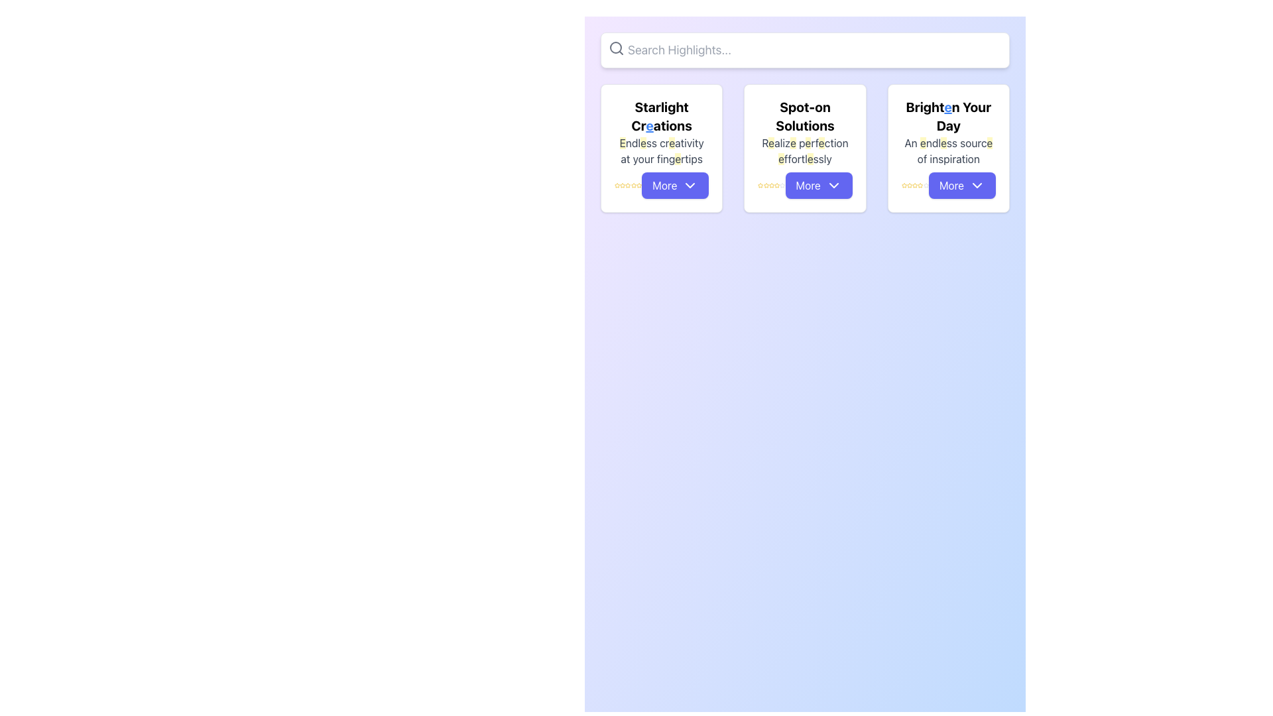 The width and height of the screenshot is (1273, 716). What do you see at coordinates (963, 115) in the screenshot?
I see `text element displaying 'n Your Day', which is part of the phrase 'Brighten Your Day' located at the top section of the card in the third column of the grid layout` at bounding box center [963, 115].